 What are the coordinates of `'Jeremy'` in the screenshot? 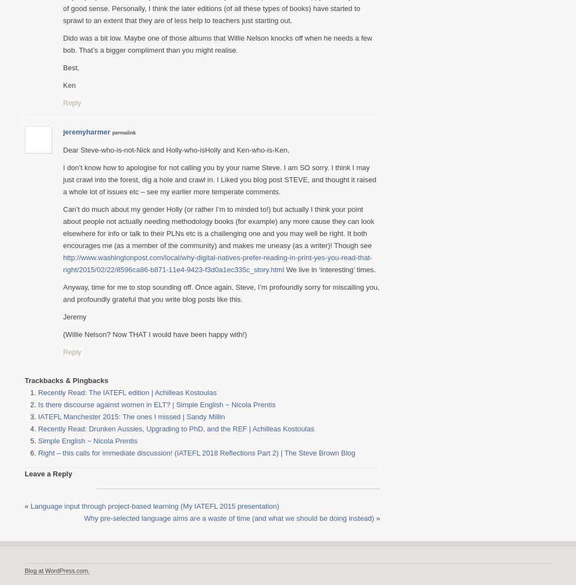 It's located at (74, 316).